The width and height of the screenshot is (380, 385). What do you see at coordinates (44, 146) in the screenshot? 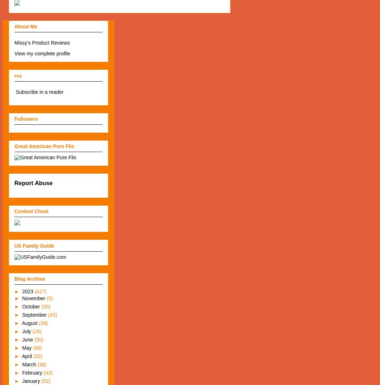
I see `'Great American Pure Flix'` at bounding box center [44, 146].